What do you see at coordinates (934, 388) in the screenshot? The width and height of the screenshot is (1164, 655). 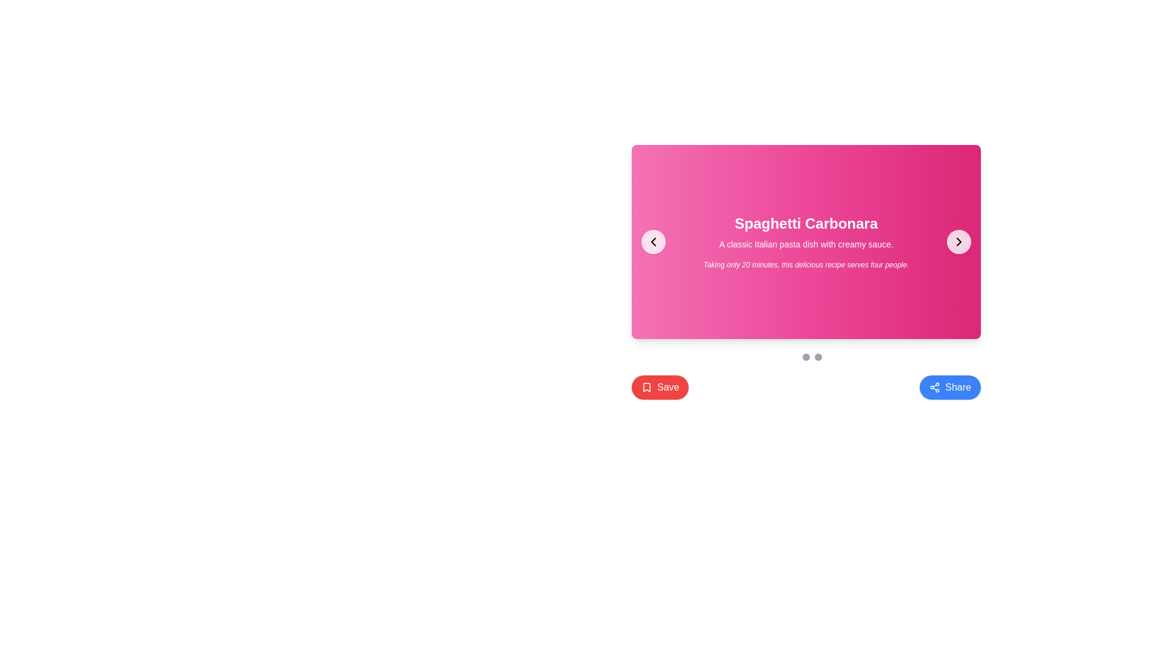 I see `the sharing icon, which is a graphic of three interconnected circles within the blue rounded rectangular 'Share' button, to initiate sharing` at bounding box center [934, 388].